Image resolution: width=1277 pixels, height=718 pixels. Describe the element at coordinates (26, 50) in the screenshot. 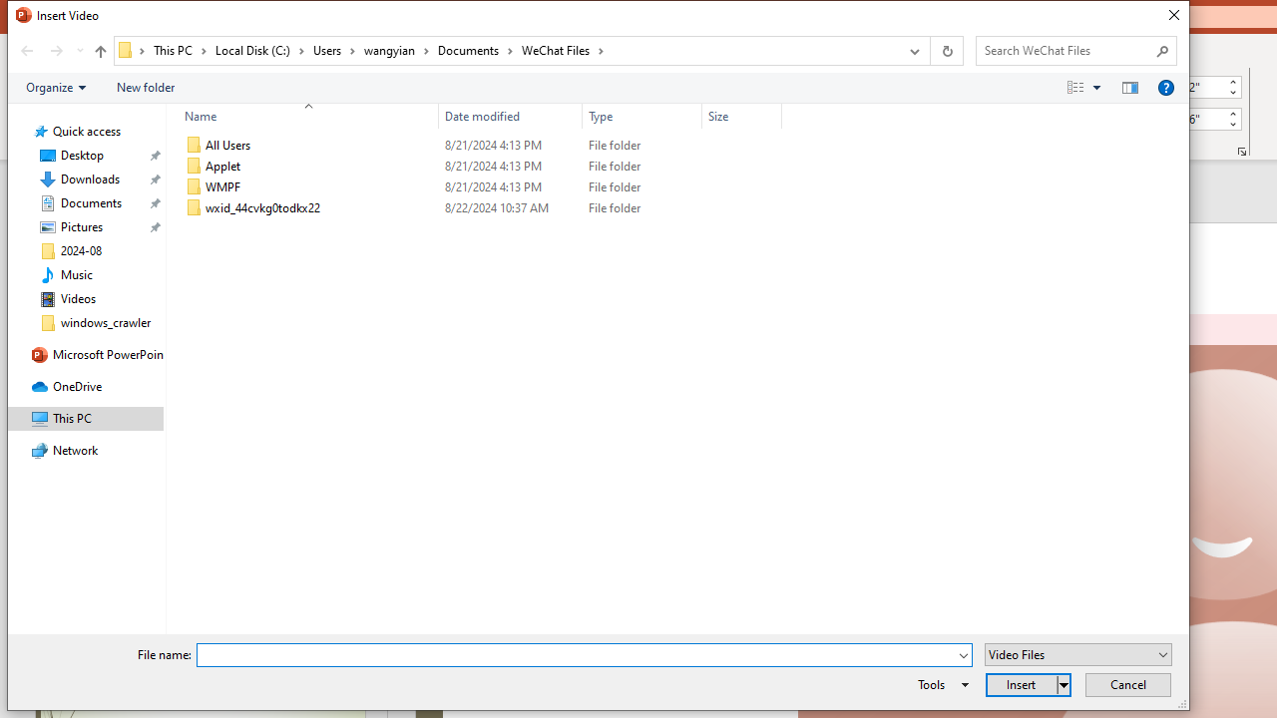

I see `'Back (Alt + Left Arrow)'` at that location.